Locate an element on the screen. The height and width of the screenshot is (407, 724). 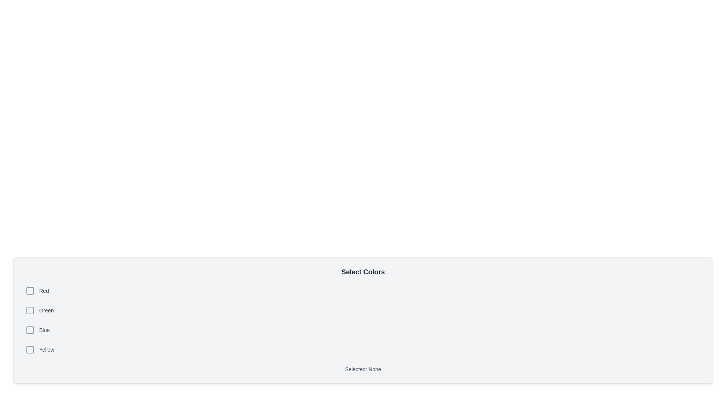
the graphical checkbox icon located before the text 'Blue' is located at coordinates (30, 329).